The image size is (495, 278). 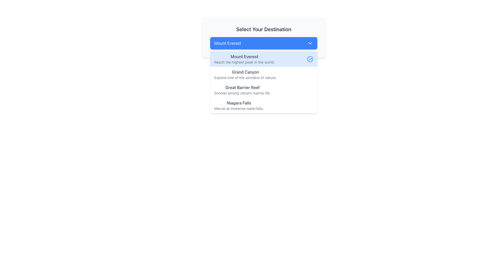 I want to click on the first entry in the dropdown list labeled 'Mount Everest', so click(x=263, y=59).